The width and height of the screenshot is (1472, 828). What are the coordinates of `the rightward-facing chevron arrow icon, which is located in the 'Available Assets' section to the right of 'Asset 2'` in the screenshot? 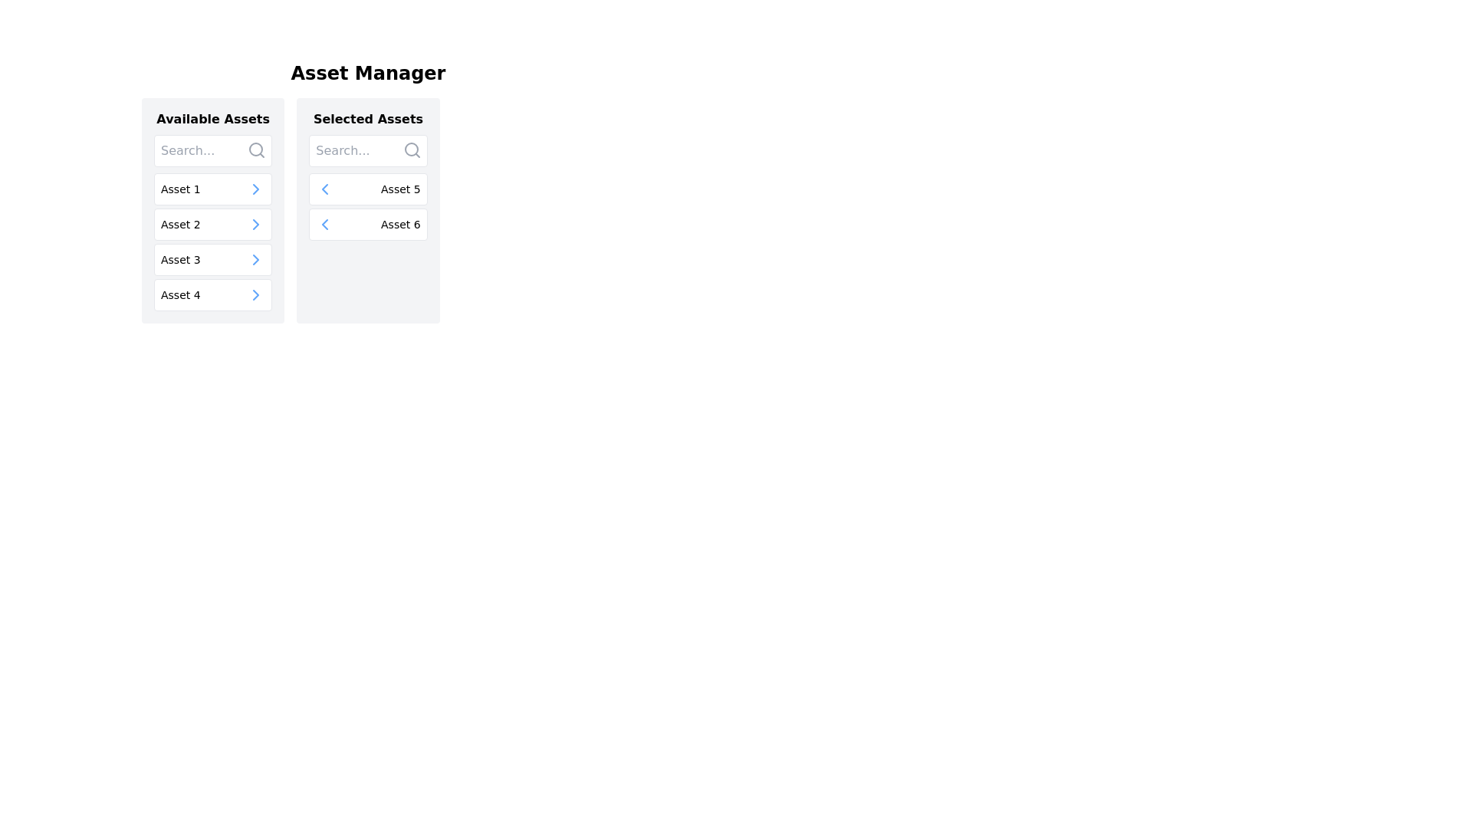 It's located at (256, 225).